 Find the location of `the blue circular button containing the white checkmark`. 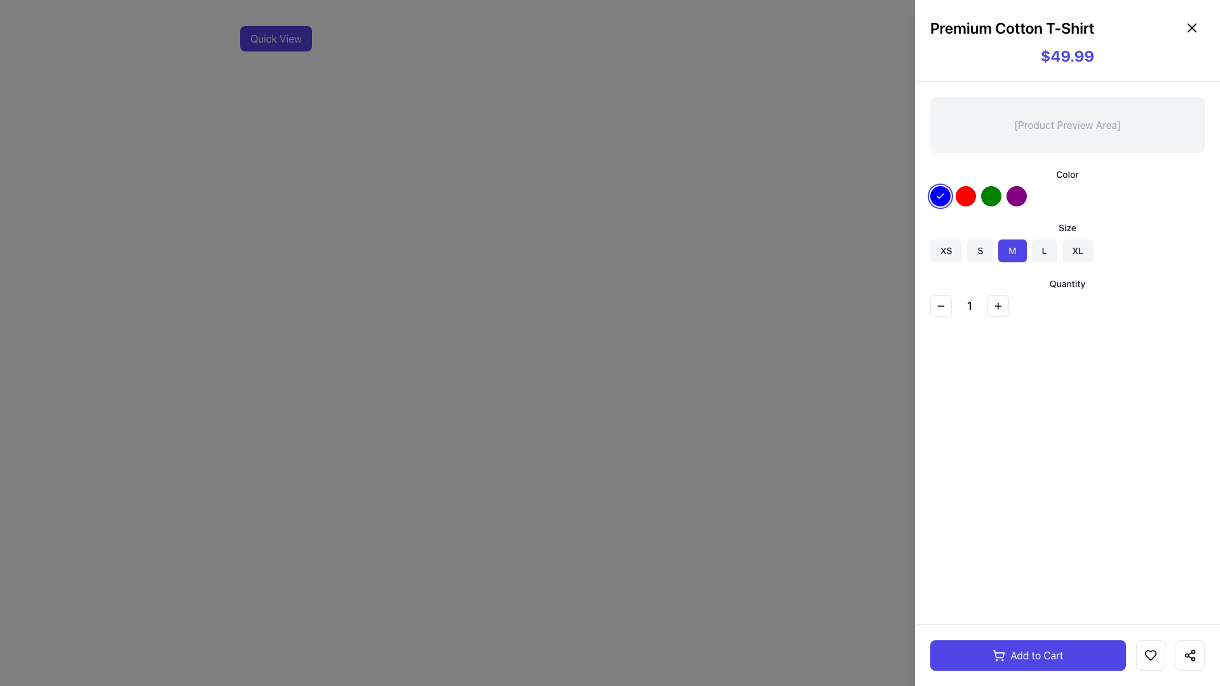

the blue circular button containing the white checkmark is located at coordinates (940, 196).